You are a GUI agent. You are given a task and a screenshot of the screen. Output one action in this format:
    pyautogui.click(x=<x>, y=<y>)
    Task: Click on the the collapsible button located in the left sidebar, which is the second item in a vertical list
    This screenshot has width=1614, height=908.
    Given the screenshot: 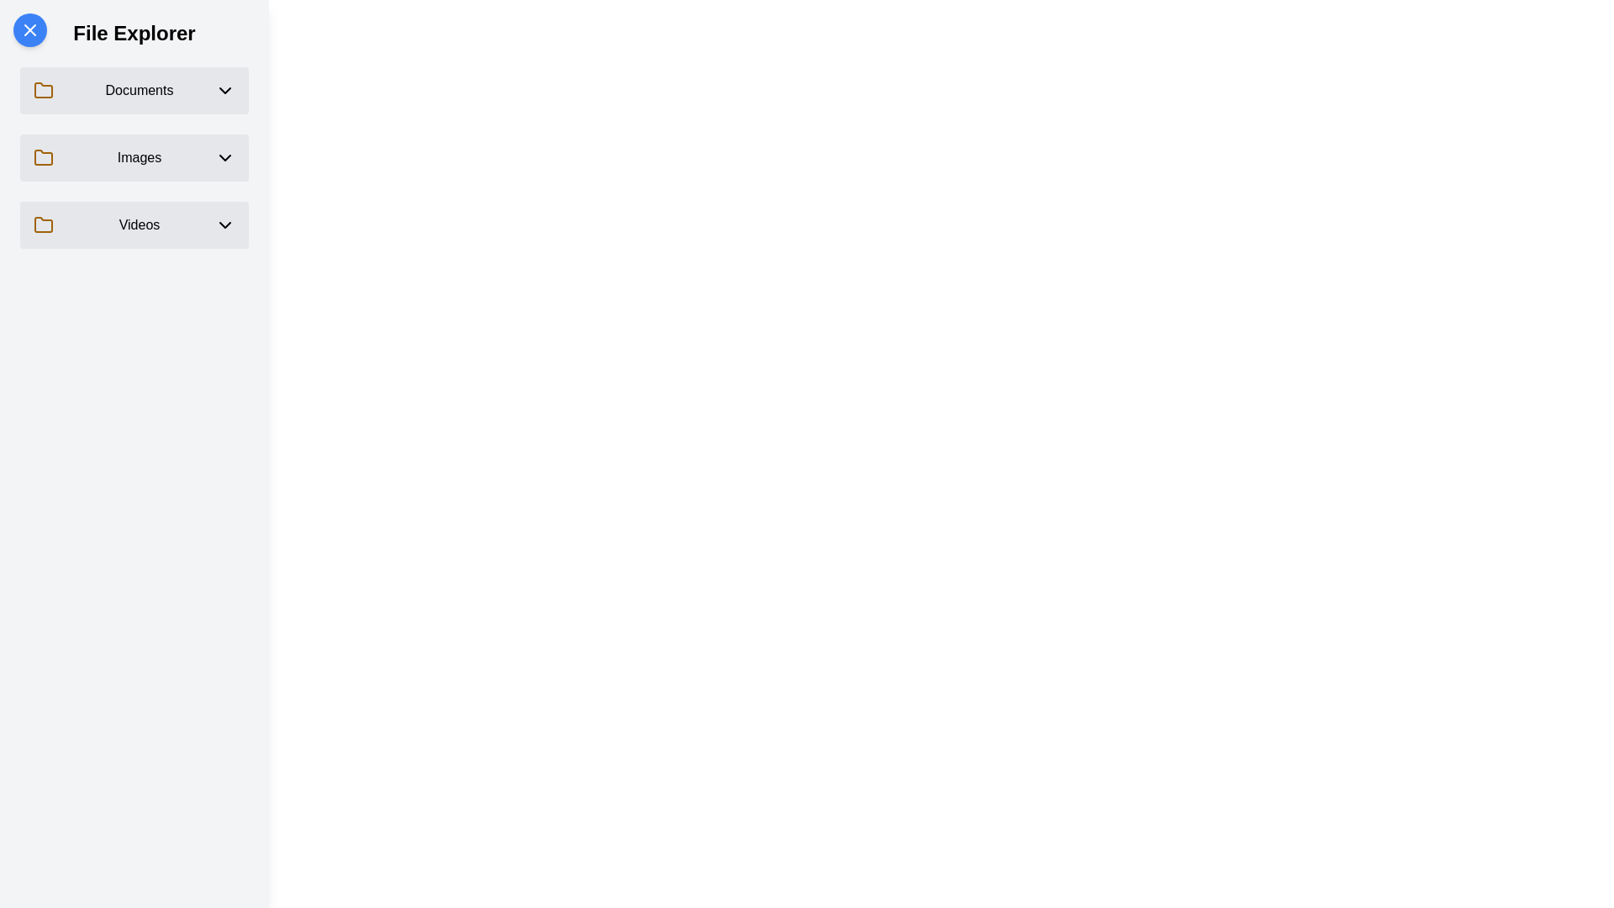 What is the action you would take?
    pyautogui.click(x=133, y=158)
    